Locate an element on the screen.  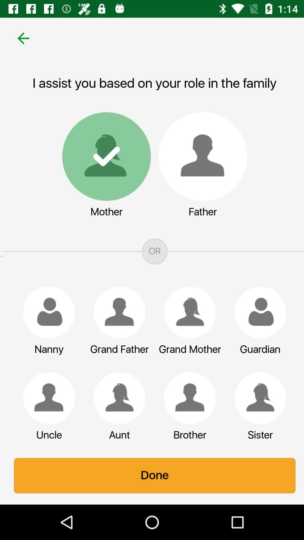
the brother icon is located at coordinates (187, 398).